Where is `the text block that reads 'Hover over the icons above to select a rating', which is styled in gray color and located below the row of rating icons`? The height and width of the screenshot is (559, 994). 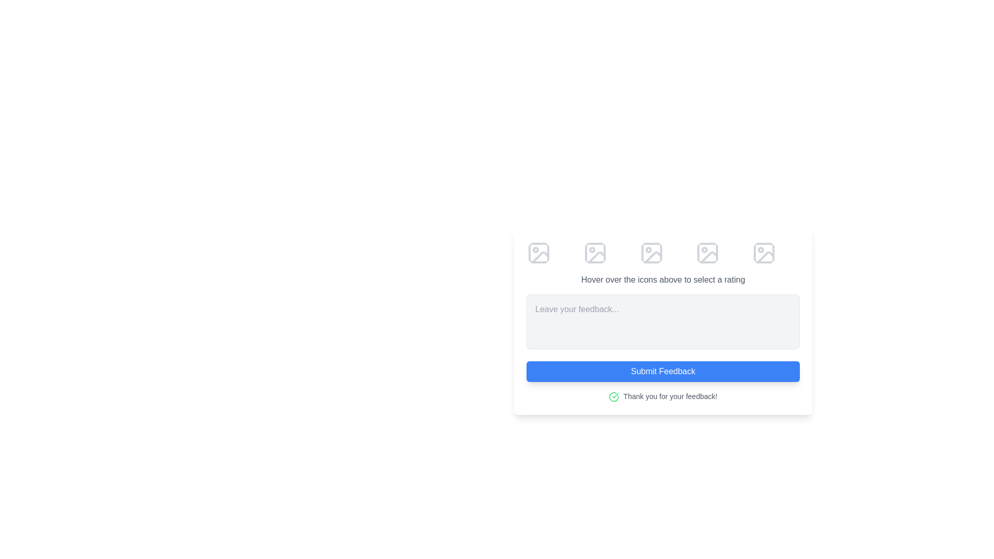
the text block that reads 'Hover over the icons above to select a rating', which is styled in gray color and located below the row of rating icons is located at coordinates (663, 279).